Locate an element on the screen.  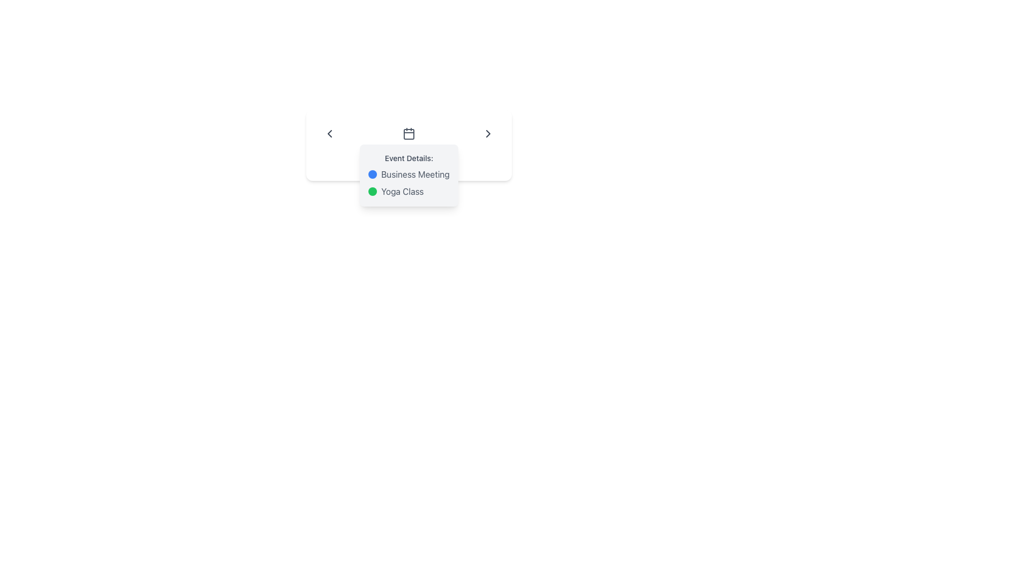
the List with icon-label pairs element featuring 'Business Meeting' and 'Yoga Class' to focus it is located at coordinates (408, 182).